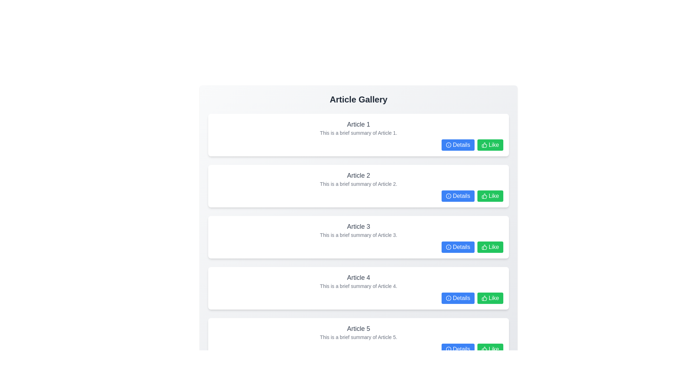 Image resolution: width=681 pixels, height=383 pixels. I want to click on the text element displaying 'Article 4', which is styled as a medium-large heading in gray and positioned above its summary within an article card layout, so click(359, 277).